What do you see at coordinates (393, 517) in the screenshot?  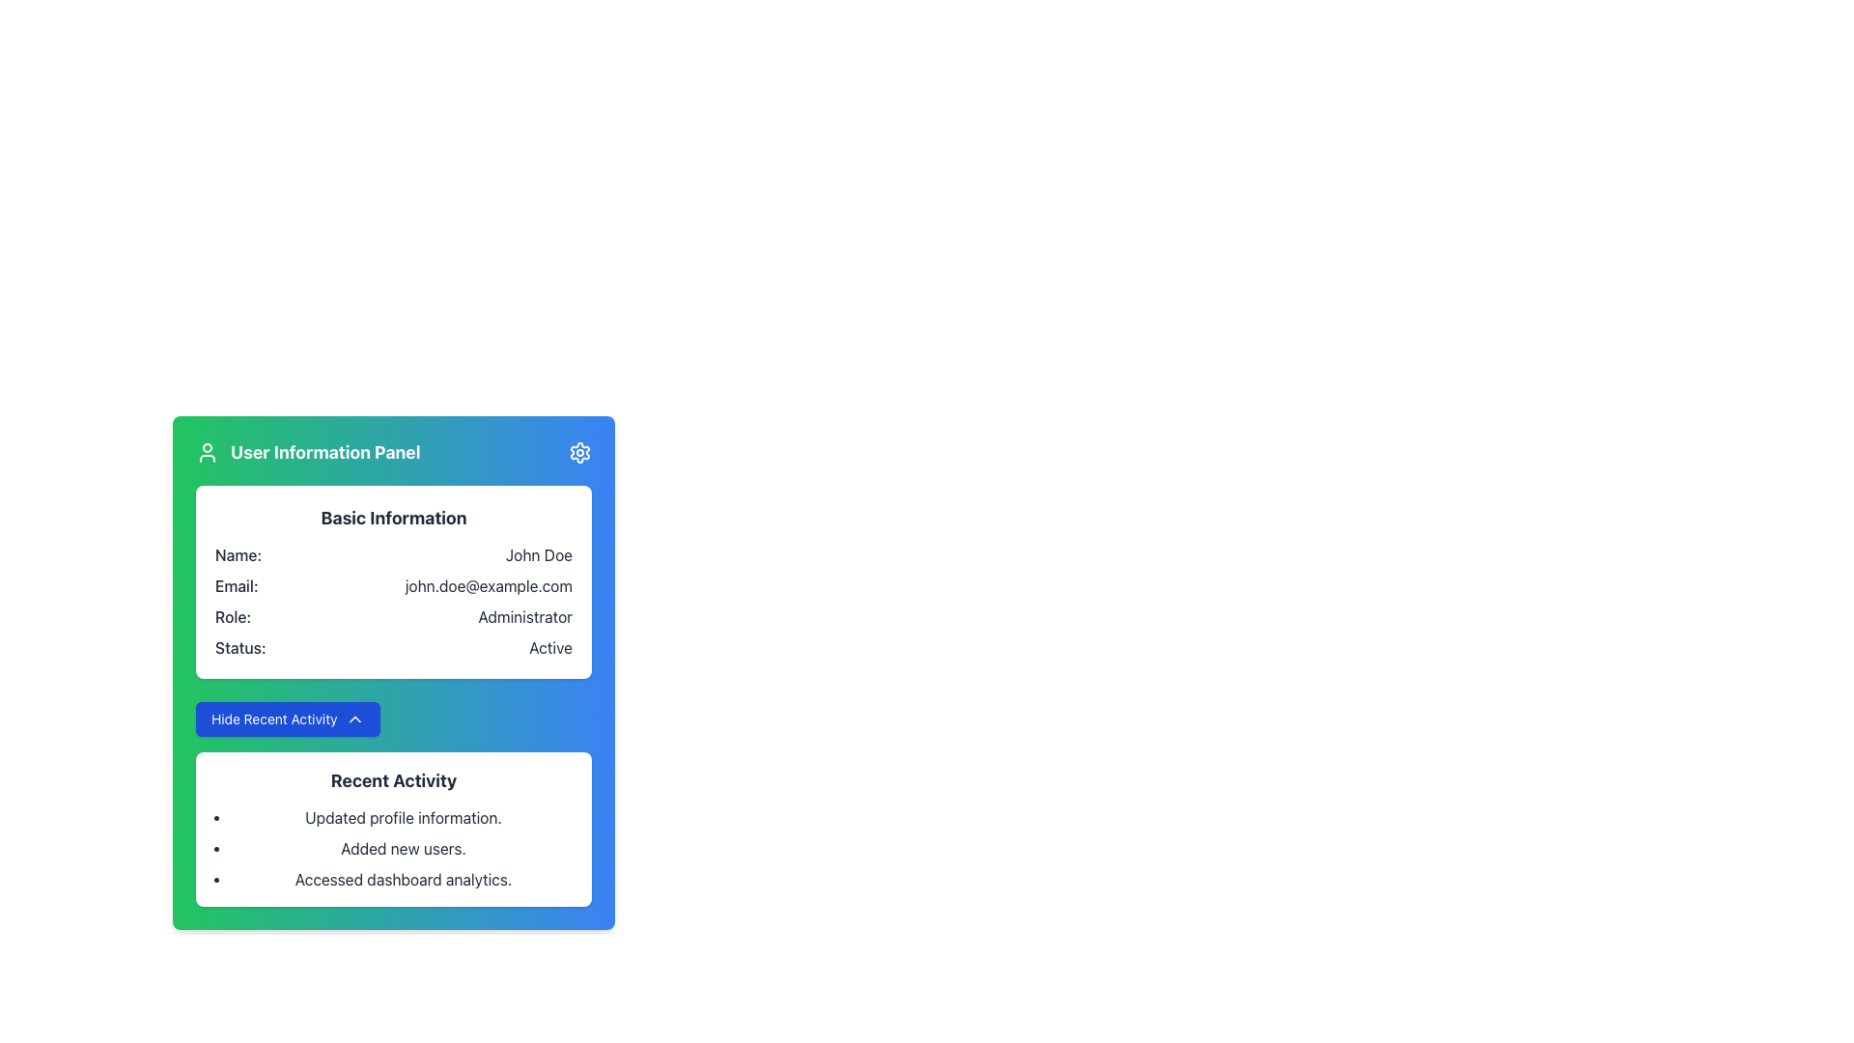 I see `the prominently styled text block displaying the label 'Basic Information', which is dark-colored and positioned at the top of the content section` at bounding box center [393, 517].